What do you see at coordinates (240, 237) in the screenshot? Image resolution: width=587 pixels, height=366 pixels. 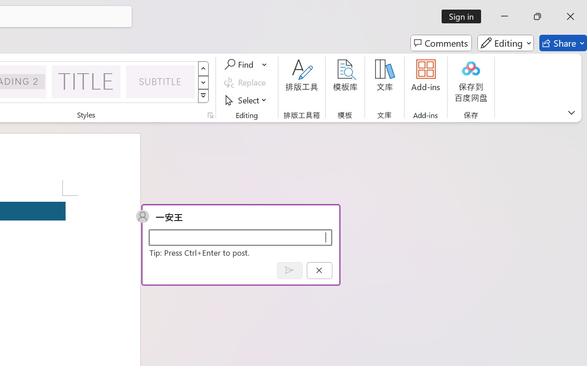 I see `'Start a conversation'` at bounding box center [240, 237].